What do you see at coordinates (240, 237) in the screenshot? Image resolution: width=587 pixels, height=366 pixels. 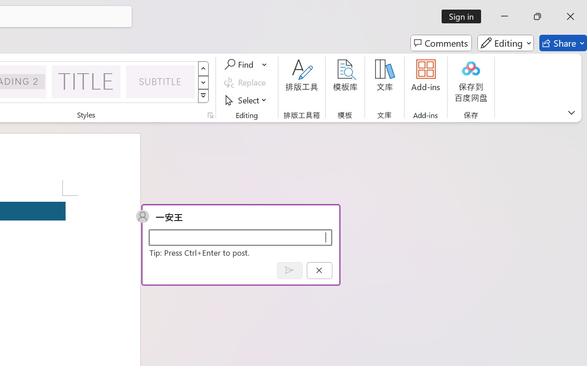 I see `'Start a conversation'` at bounding box center [240, 237].